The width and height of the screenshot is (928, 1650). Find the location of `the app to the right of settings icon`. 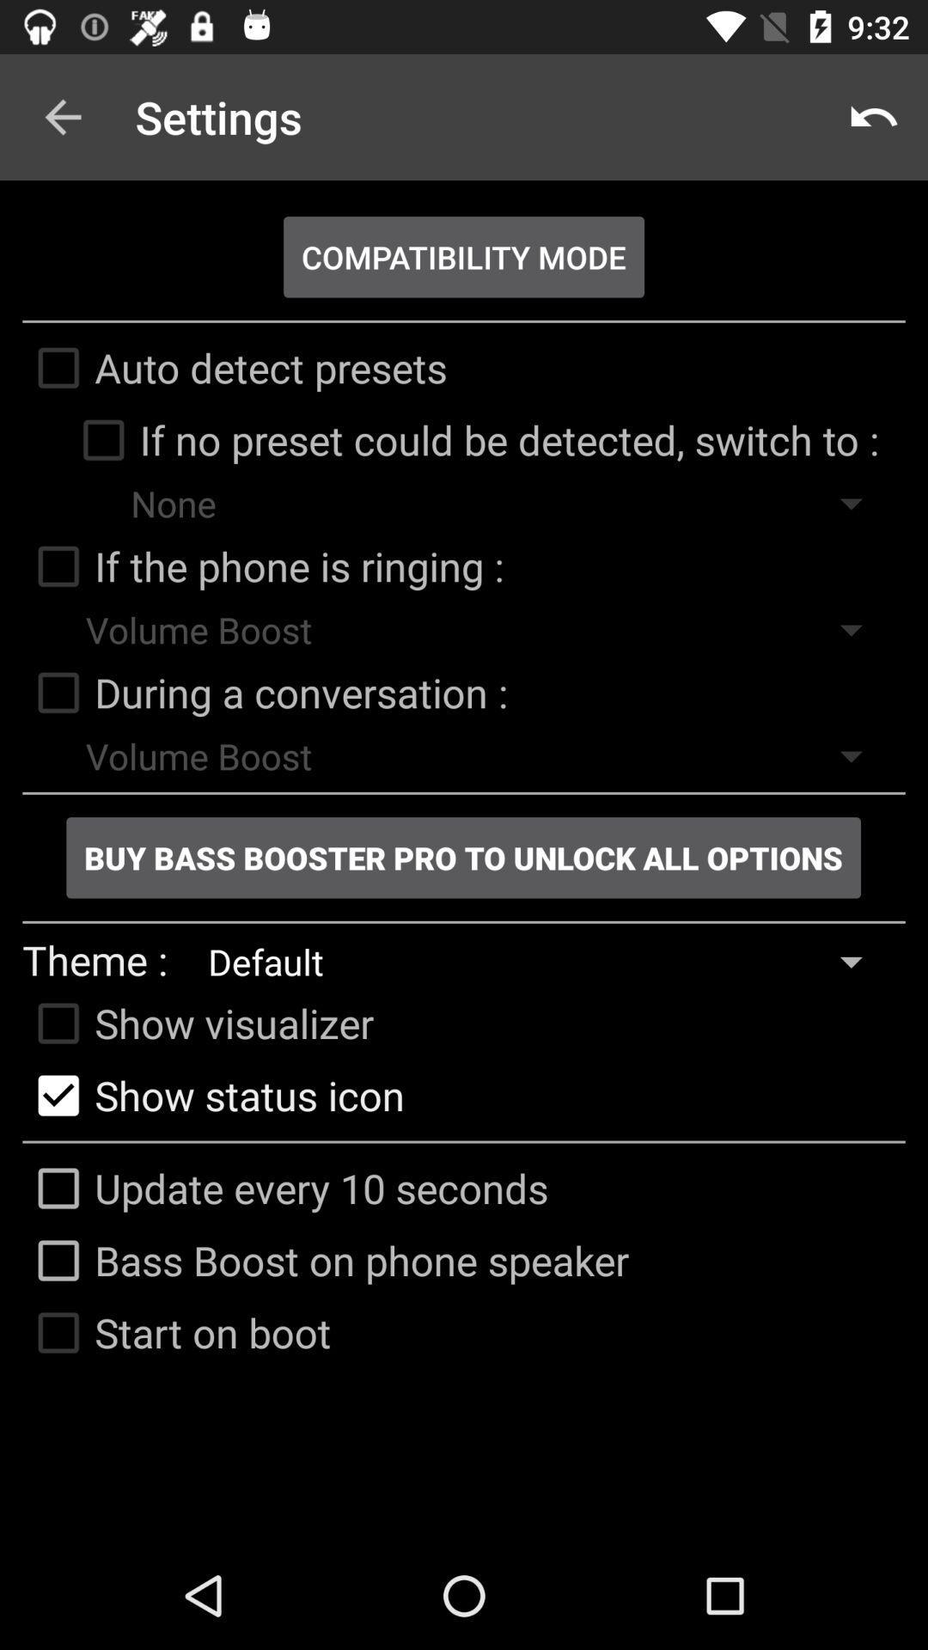

the app to the right of settings icon is located at coordinates (874, 116).